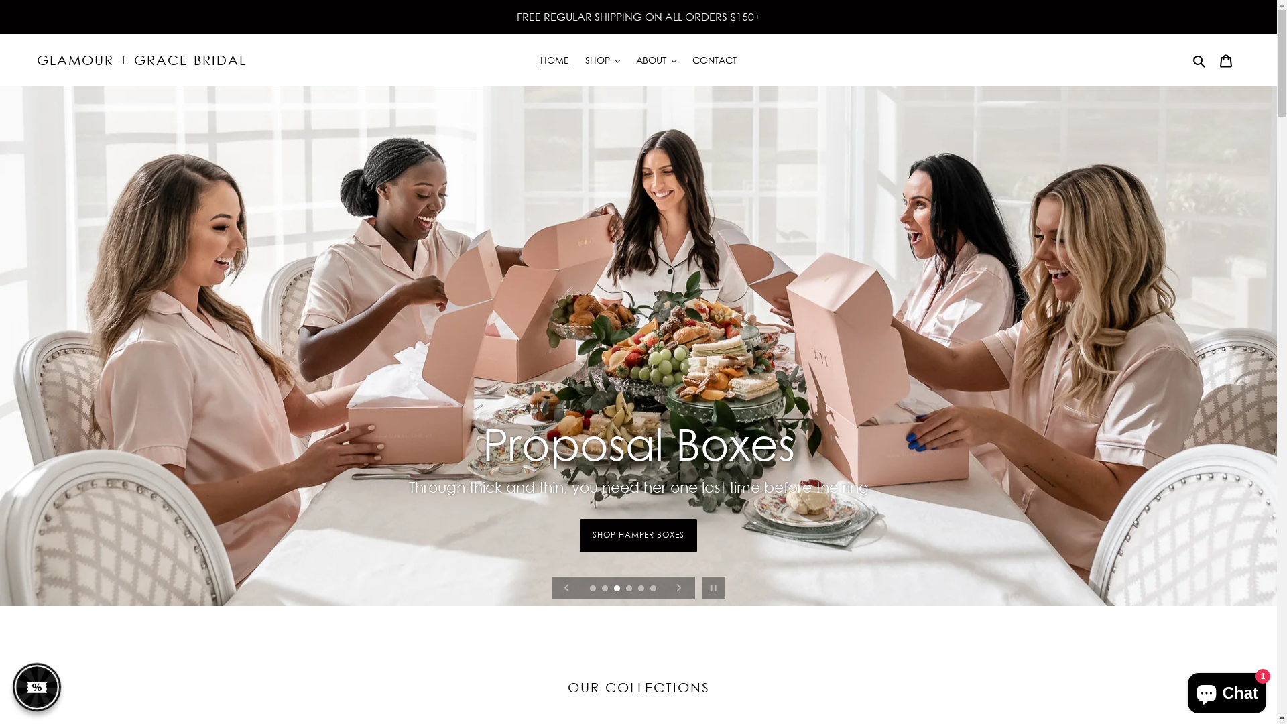 The image size is (1287, 724). What do you see at coordinates (1227, 690) in the screenshot?
I see `'Shopify online store chat'` at bounding box center [1227, 690].